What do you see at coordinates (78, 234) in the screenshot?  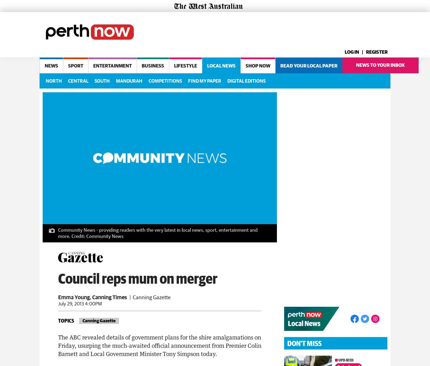 I see `'Credit:'` at bounding box center [78, 234].